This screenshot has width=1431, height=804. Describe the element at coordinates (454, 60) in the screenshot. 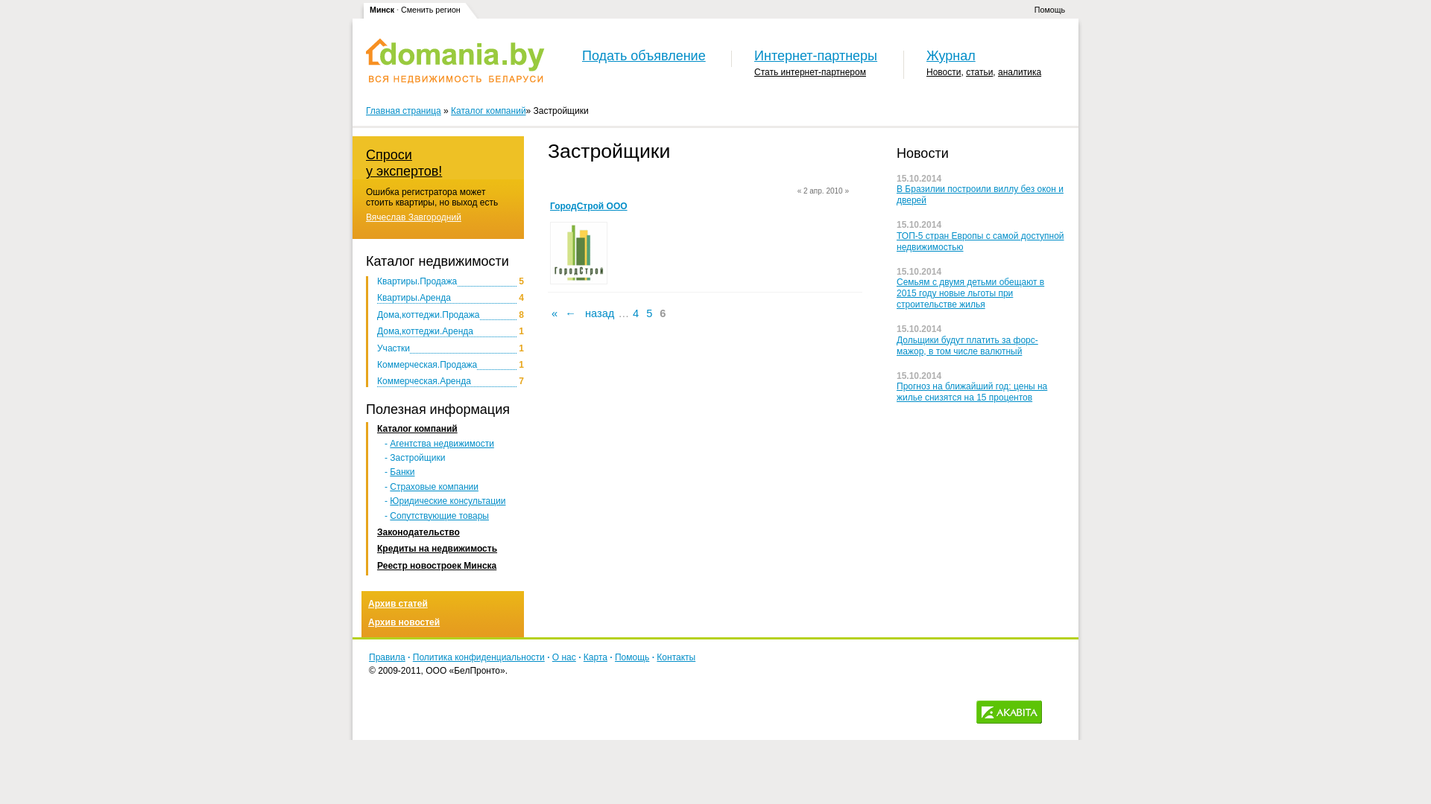

I see `'www.domania.by'` at that location.